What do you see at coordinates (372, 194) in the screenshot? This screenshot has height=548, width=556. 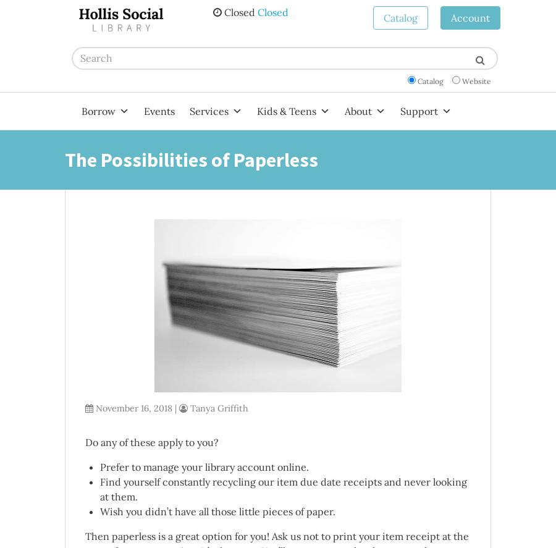 I see `'Friends of the Library'` at bounding box center [372, 194].